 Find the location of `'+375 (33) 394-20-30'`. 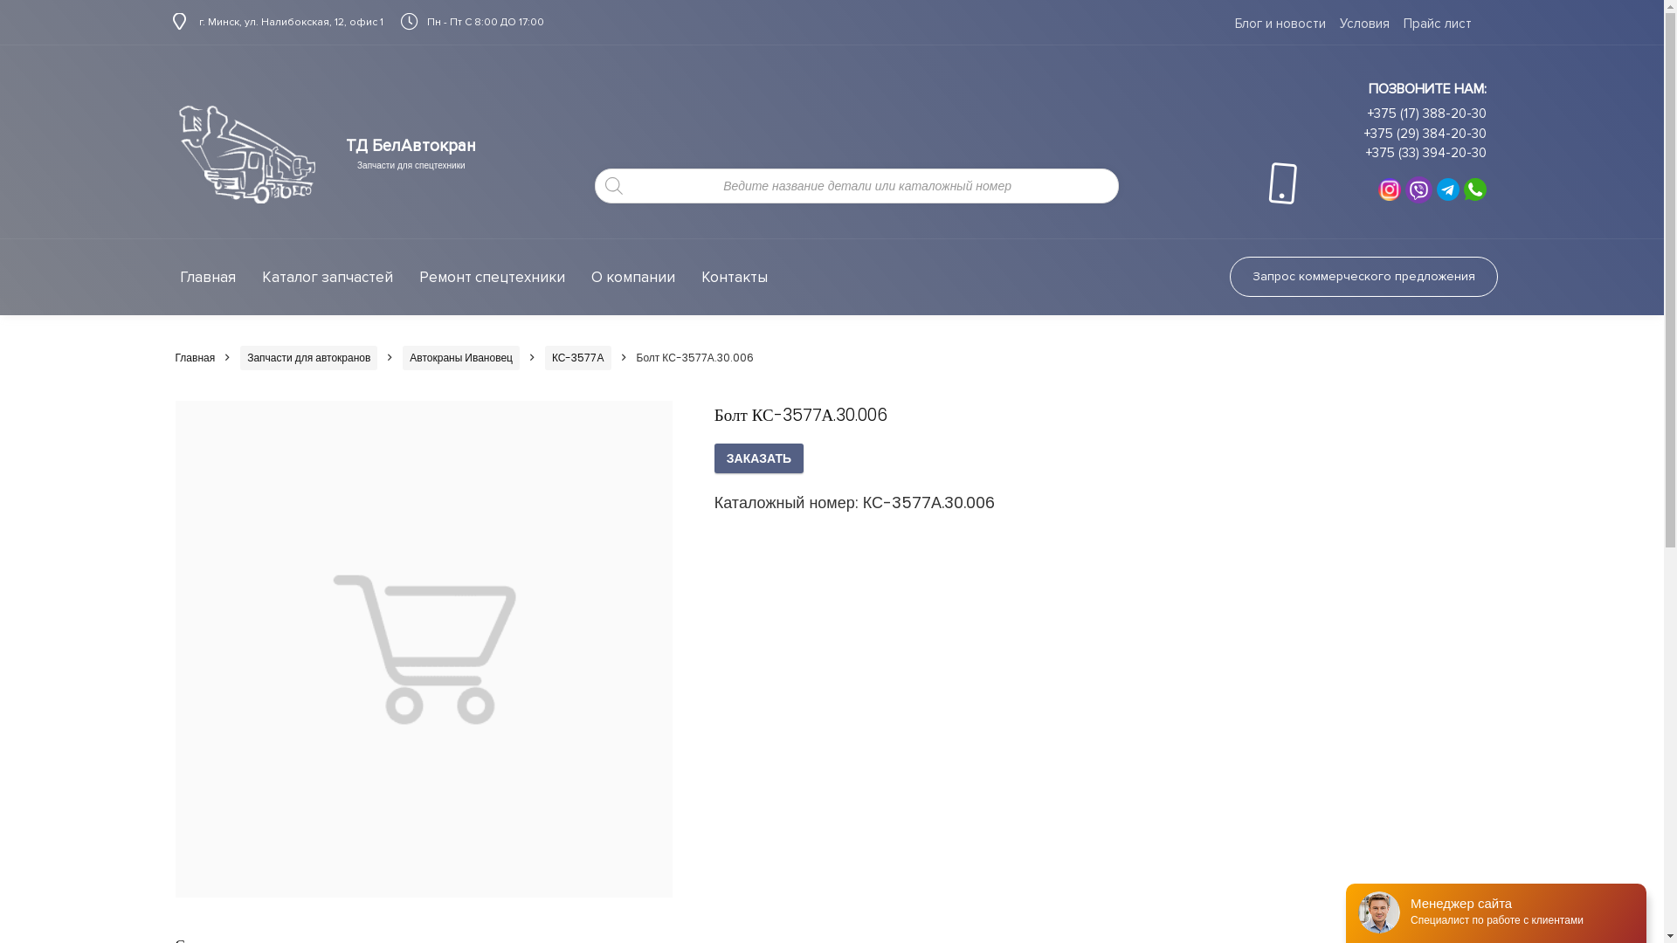

'+375 (33) 394-20-30' is located at coordinates (1425, 151).